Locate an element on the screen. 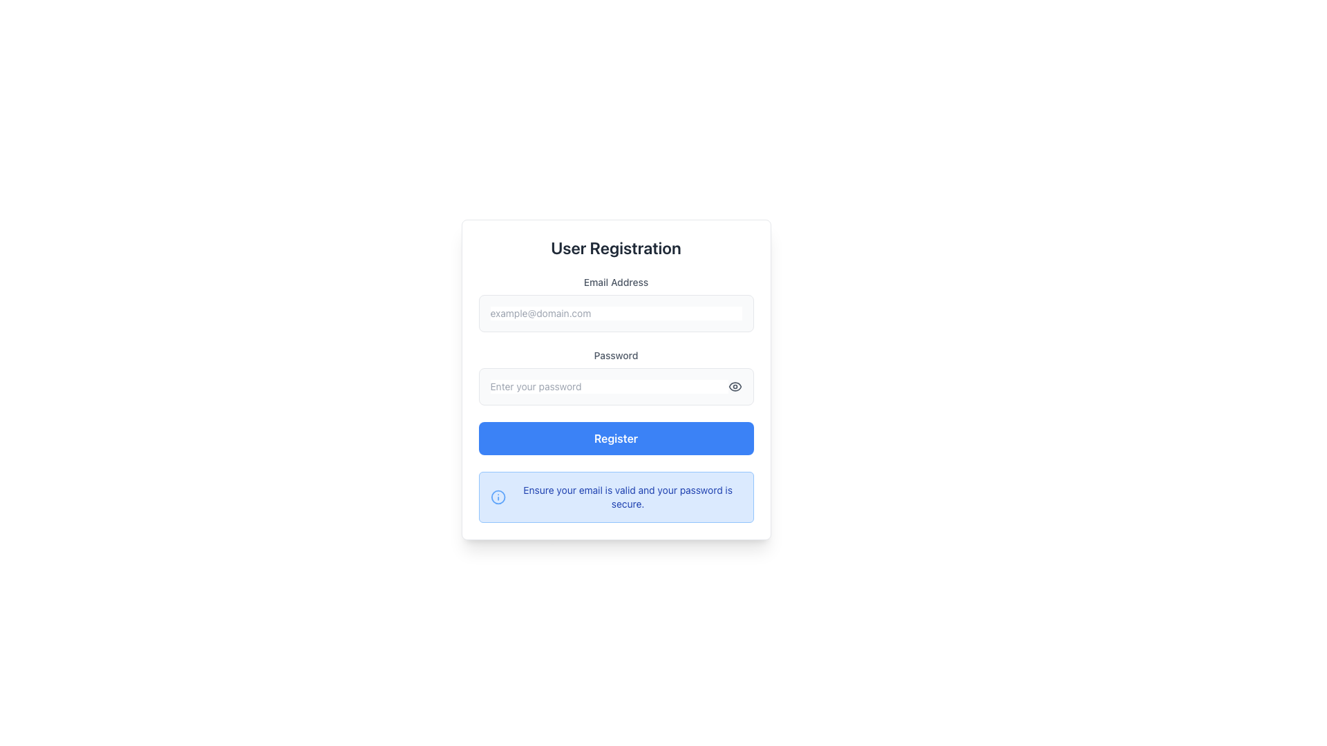  the Password input field, which is labeled 'Password' and features a placeholder 'Enter your password' is located at coordinates (615, 377).